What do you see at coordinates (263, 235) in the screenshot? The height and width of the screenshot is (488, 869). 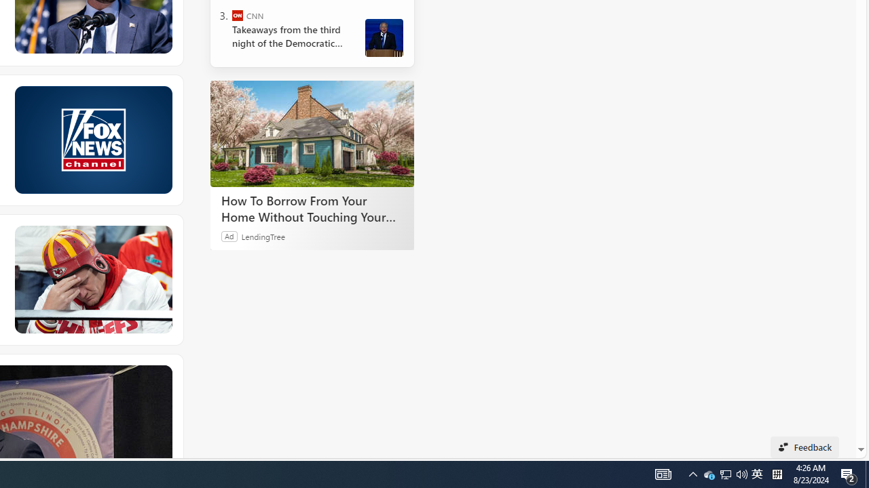 I see `'LendingTree'` at bounding box center [263, 235].